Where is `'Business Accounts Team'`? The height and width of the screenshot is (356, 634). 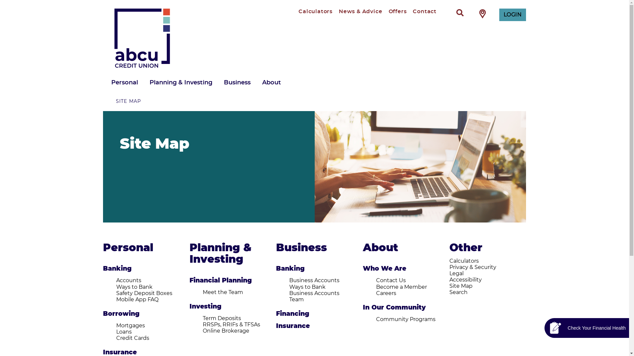
'Business Accounts Team' is located at coordinates (314, 296).